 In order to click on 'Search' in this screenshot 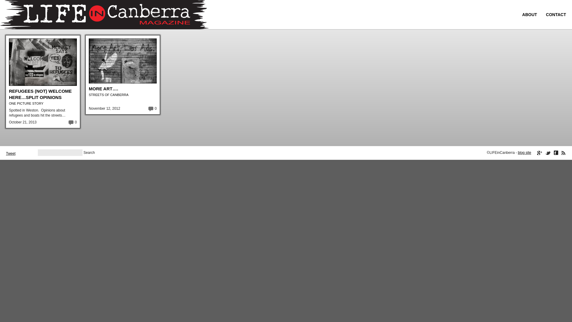, I will do `click(88, 152)`.